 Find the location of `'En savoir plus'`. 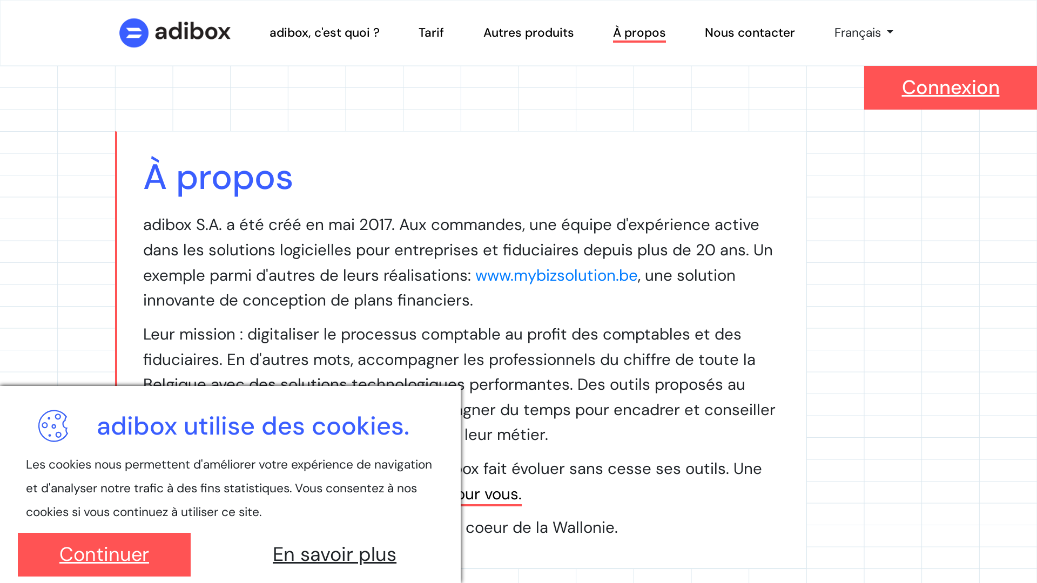

'En savoir plus' is located at coordinates (334, 554).